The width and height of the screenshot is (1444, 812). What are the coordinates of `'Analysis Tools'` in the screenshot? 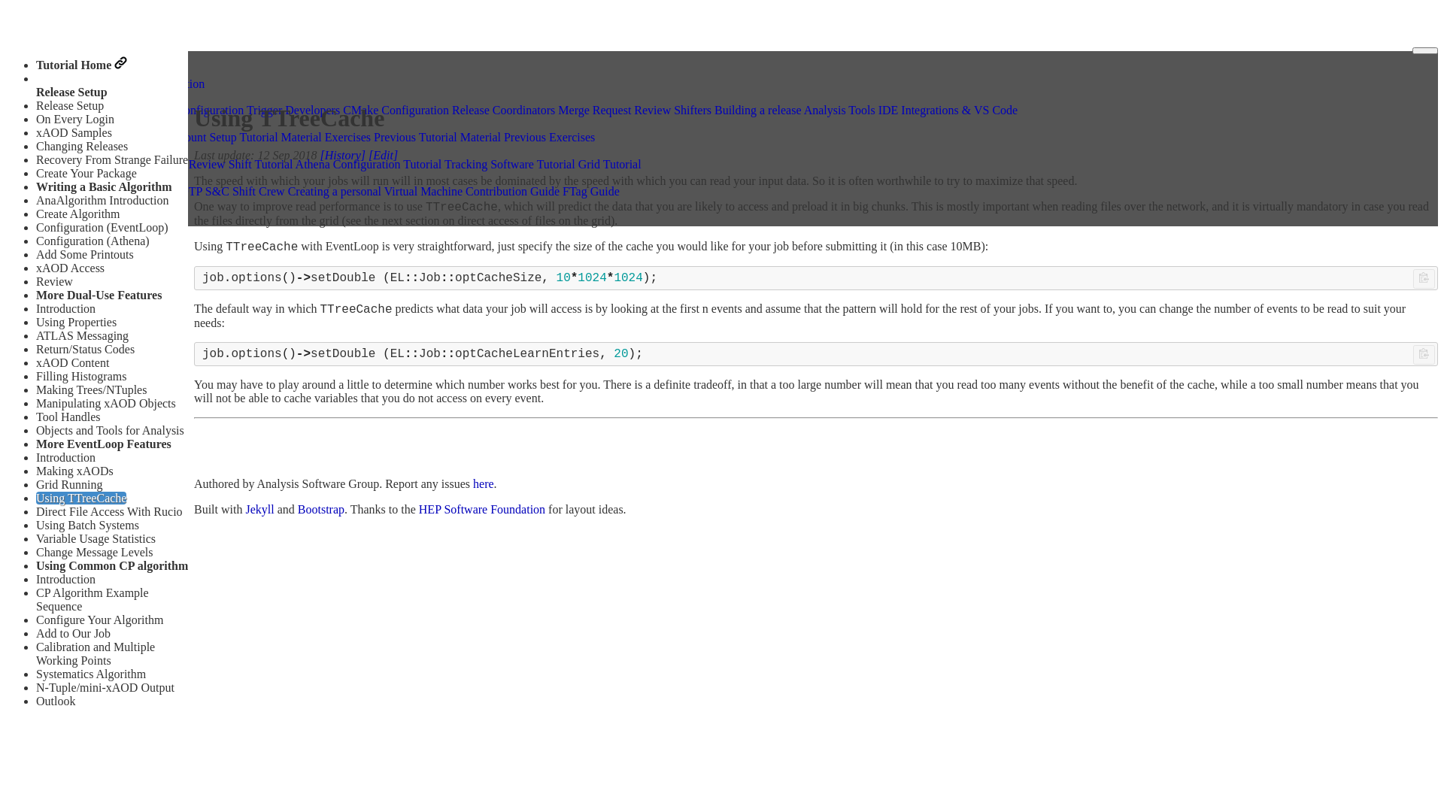 It's located at (839, 109).